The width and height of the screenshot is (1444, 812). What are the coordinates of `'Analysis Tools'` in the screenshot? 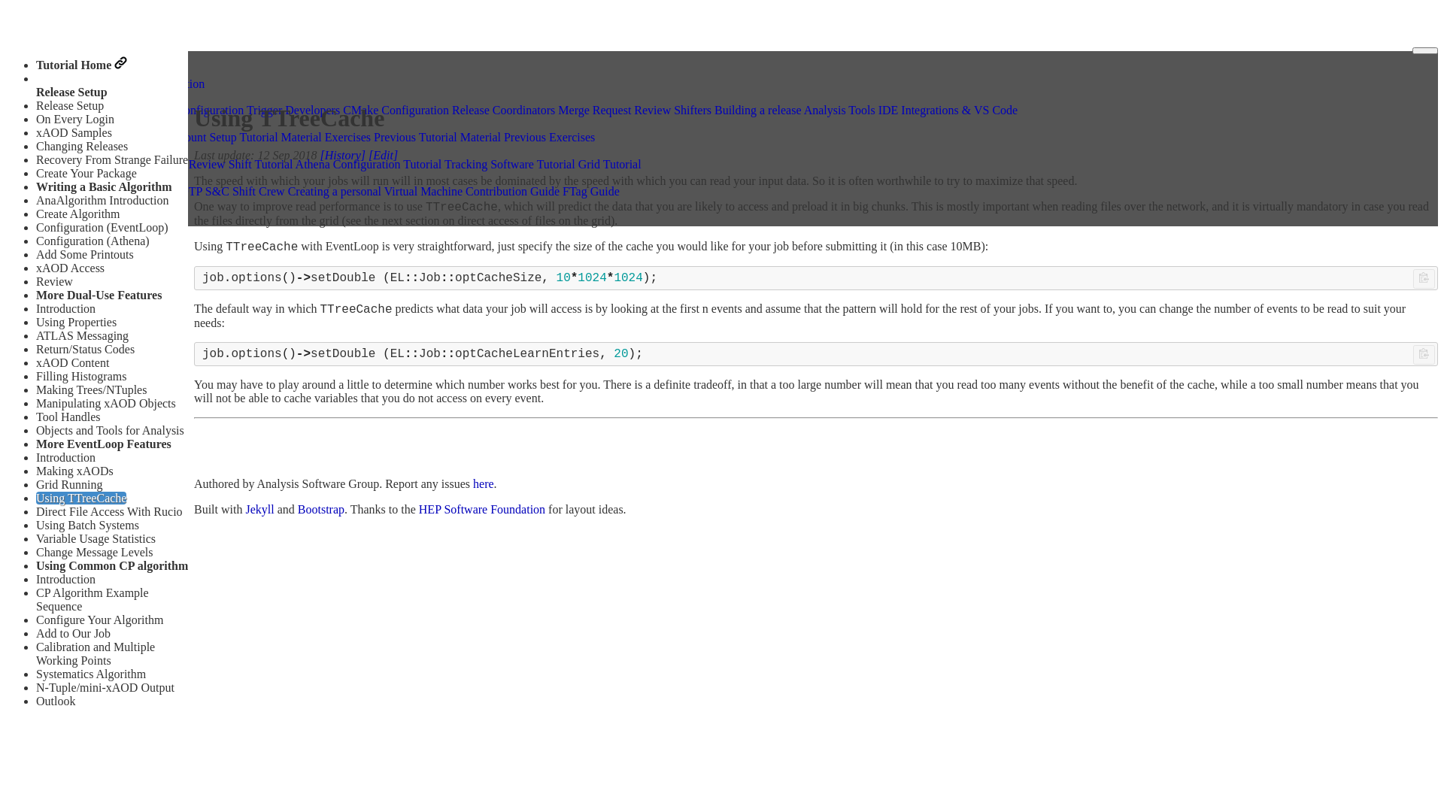 It's located at (839, 109).